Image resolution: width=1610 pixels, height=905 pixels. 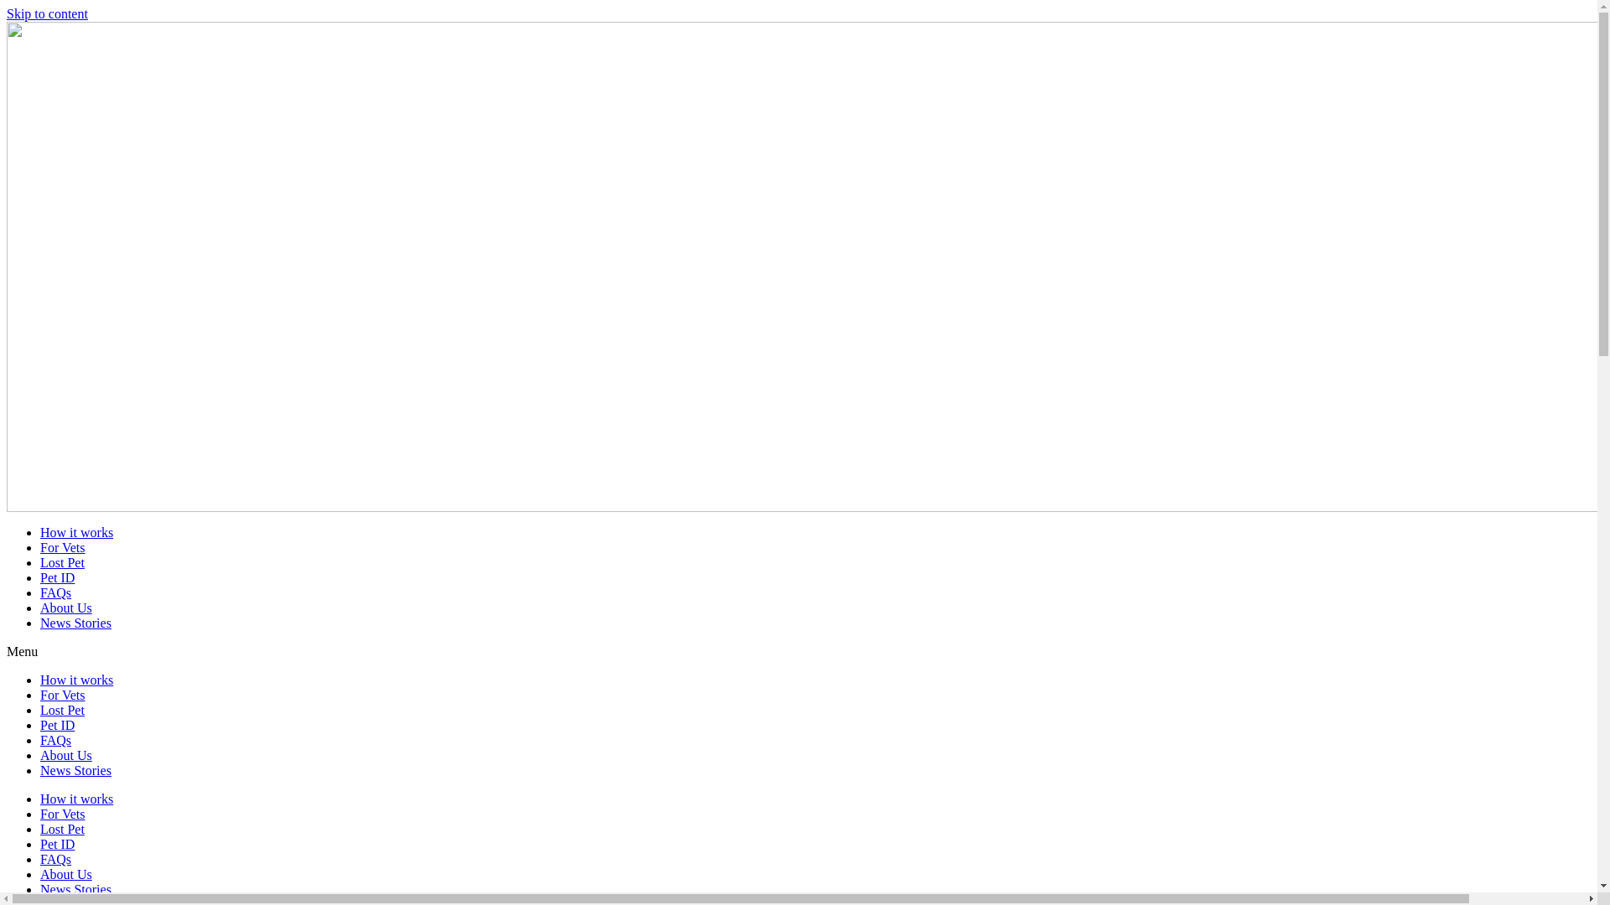 What do you see at coordinates (55, 592) in the screenshot?
I see `'FAQs'` at bounding box center [55, 592].